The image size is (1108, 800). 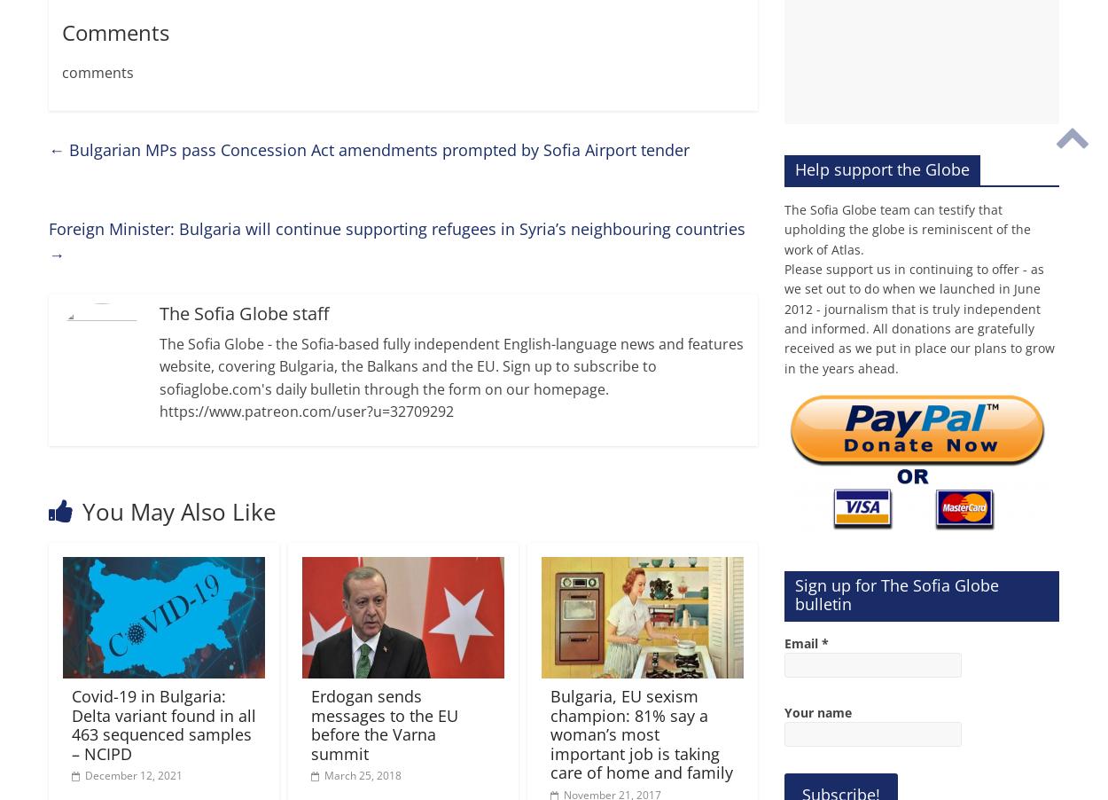 I want to click on 'Please support us in continuing to offer - as we set out to do when we launched in June 2012 - journalism that is truly independent and informed. All donations are gratefully received as we put in place our plans to grow in the years ahead.', so click(x=919, y=317).